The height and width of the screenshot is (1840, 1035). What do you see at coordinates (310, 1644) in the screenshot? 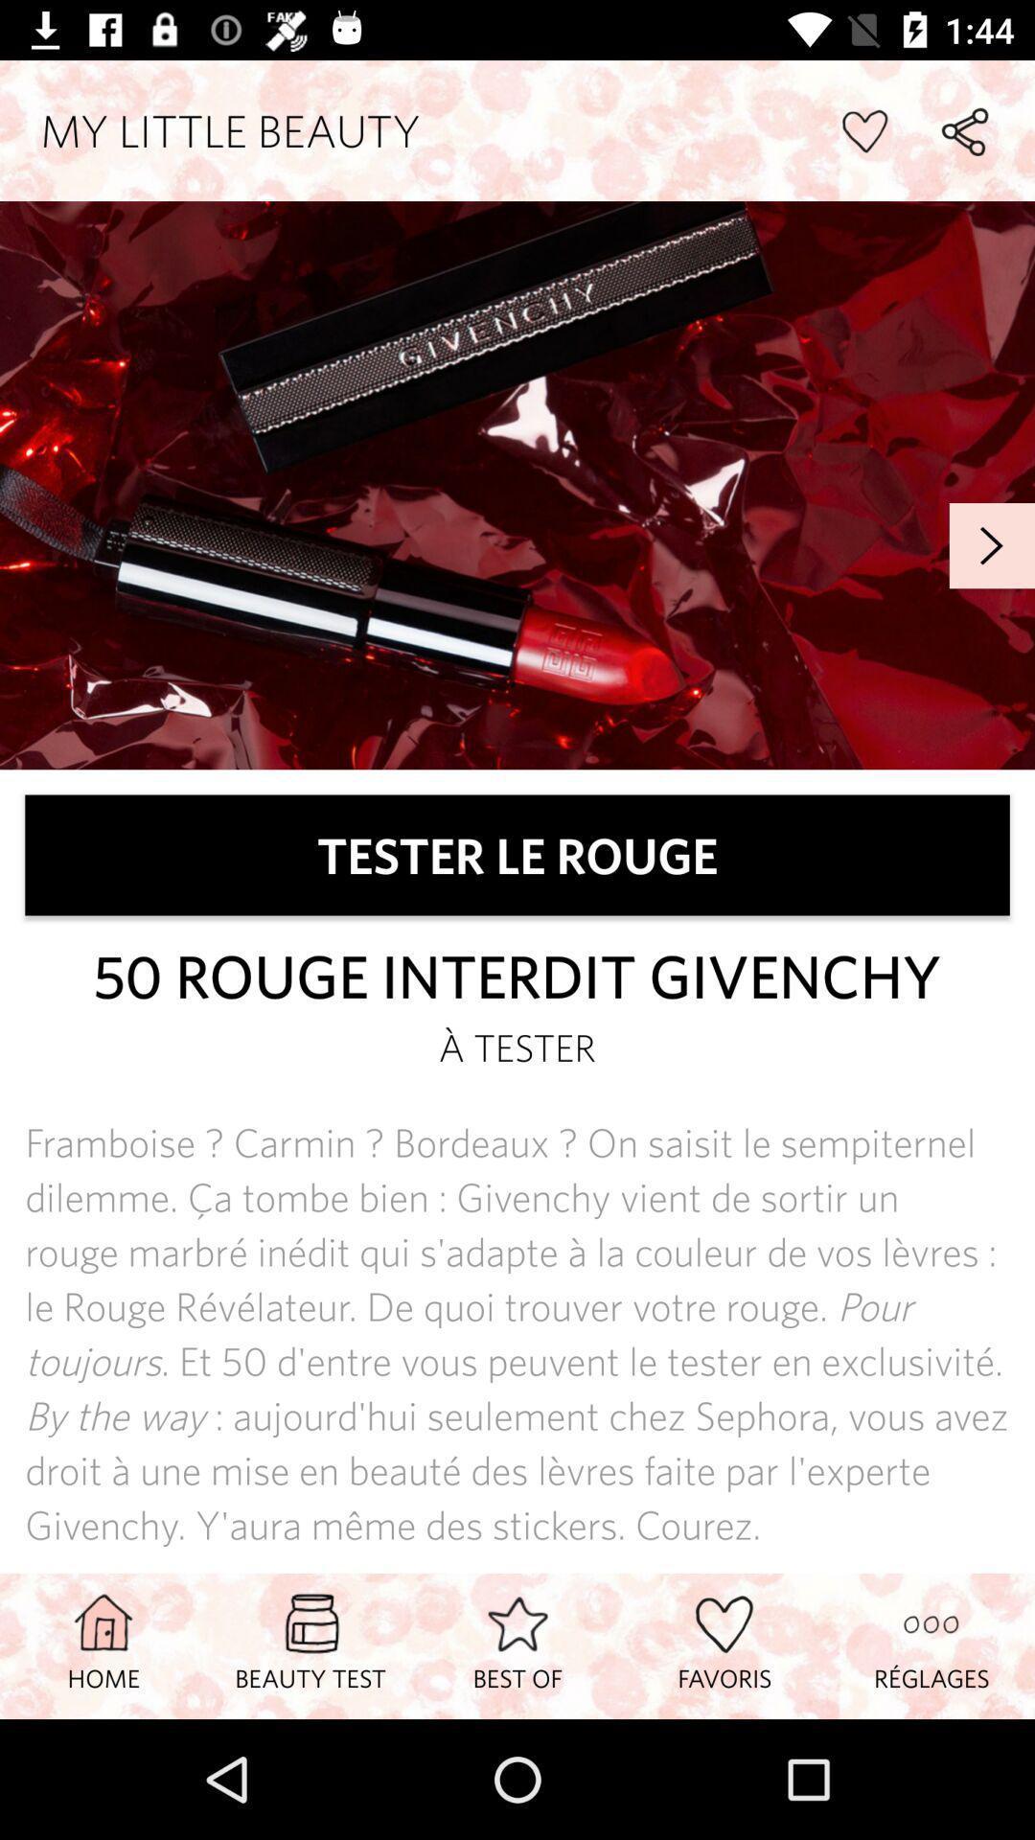
I see `the item below the framboise carmin bordeaux` at bounding box center [310, 1644].